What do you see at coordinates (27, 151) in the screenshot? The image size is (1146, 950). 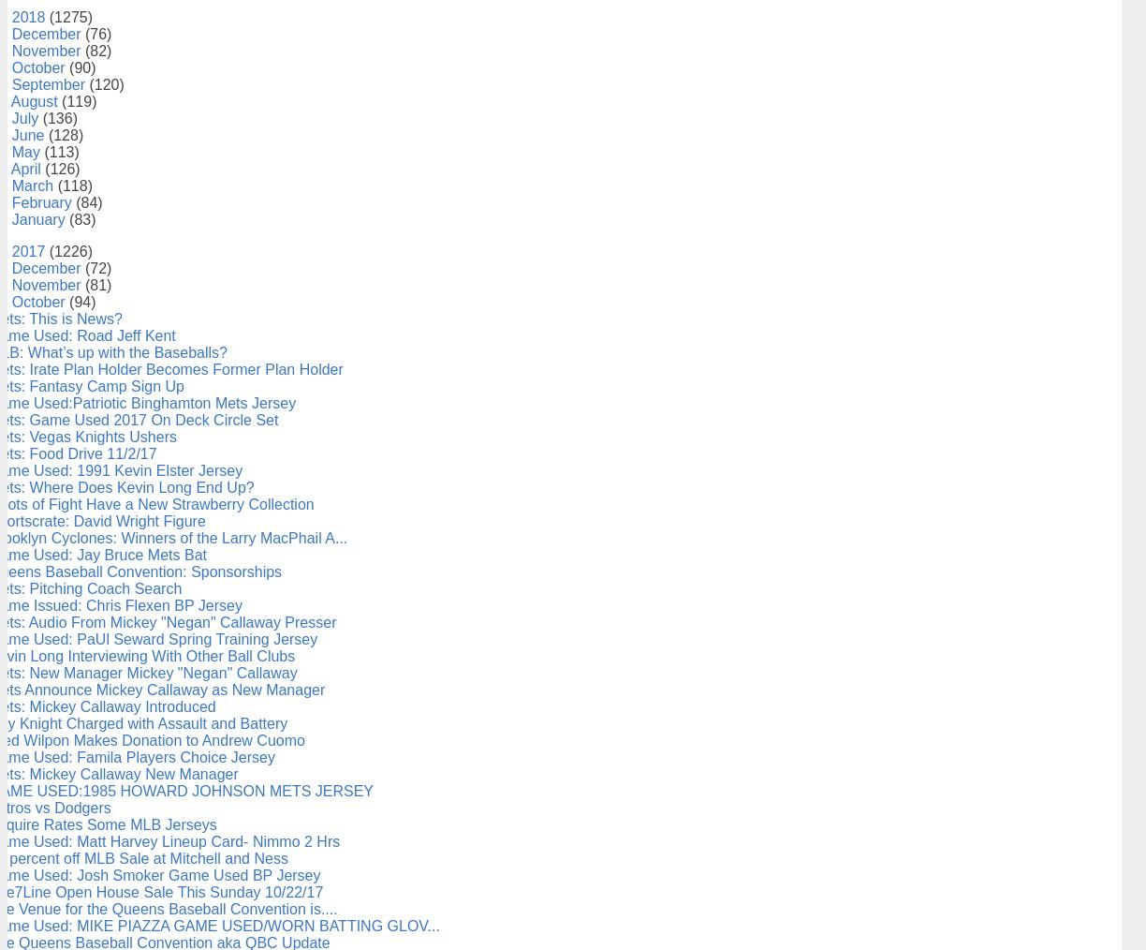 I see `'May'` at bounding box center [27, 151].